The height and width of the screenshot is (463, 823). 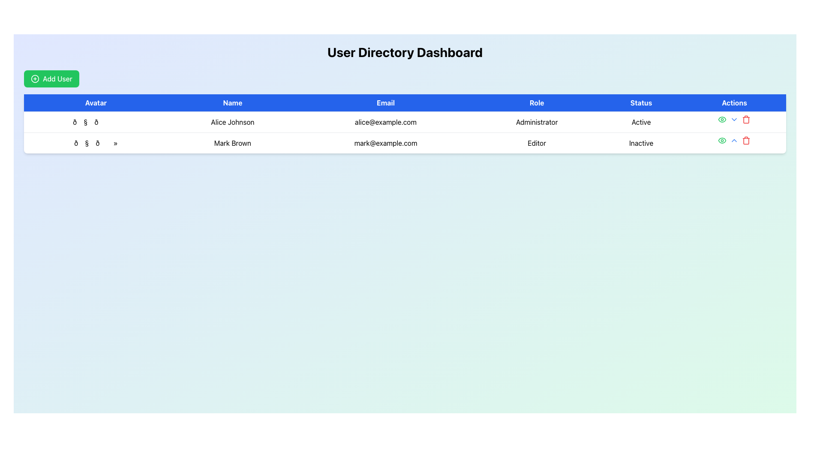 What do you see at coordinates (722, 140) in the screenshot?
I see `the green eye-shaped icon` at bounding box center [722, 140].